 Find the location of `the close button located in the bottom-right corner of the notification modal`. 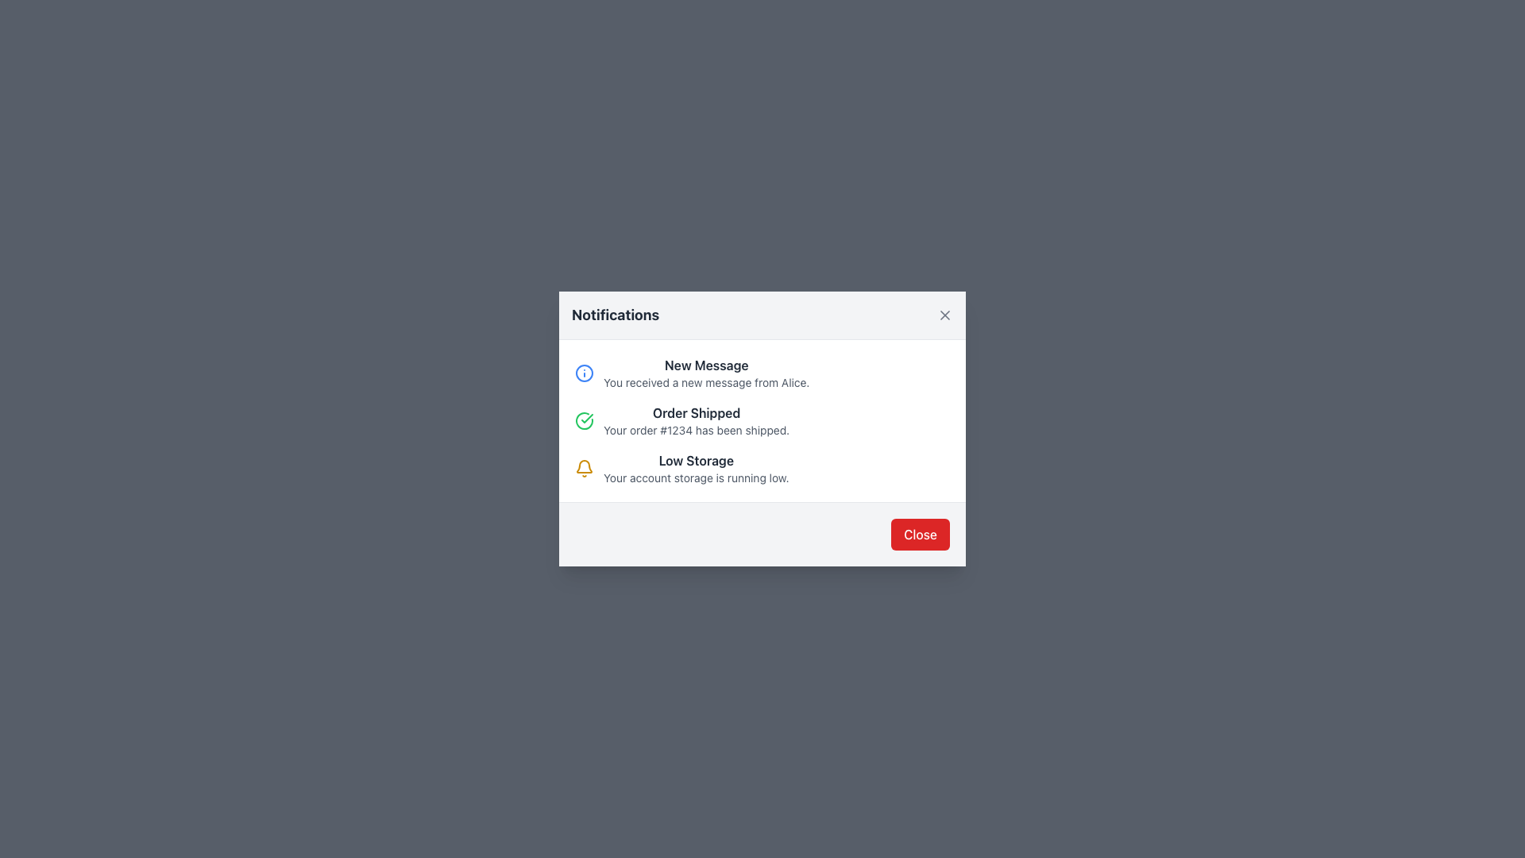

the close button located in the bottom-right corner of the notification modal is located at coordinates (921, 534).